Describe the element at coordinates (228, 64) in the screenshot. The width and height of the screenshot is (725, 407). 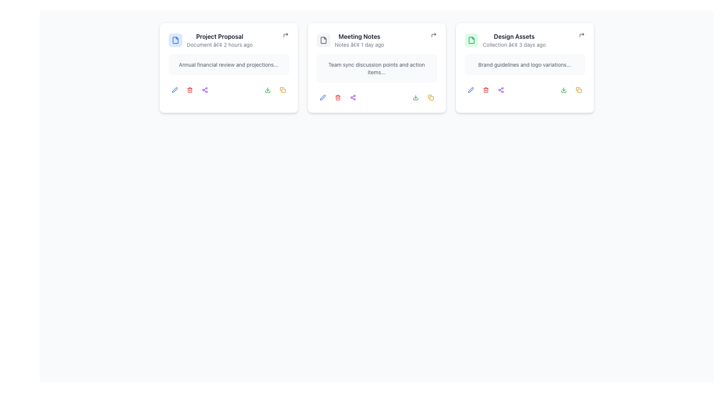
I see `the Text display field located within the 'Project Proposal' card, which provides a summary or description of the related document` at that location.